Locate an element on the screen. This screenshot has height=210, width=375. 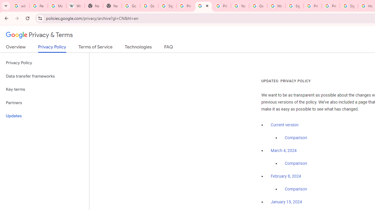
'Overview' is located at coordinates (16, 48).